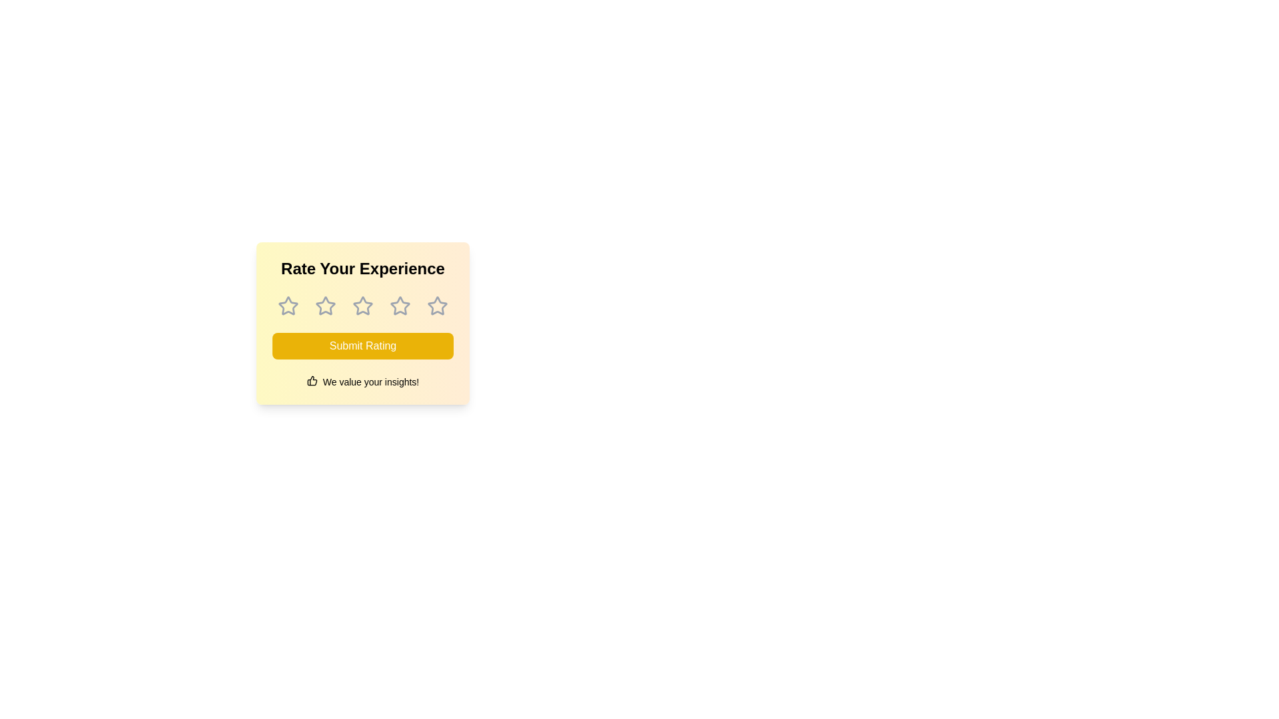 The height and width of the screenshot is (719, 1279). Describe the element at coordinates (370, 382) in the screenshot. I see `the text block displaying 'We value your insights!' located next to the thumbs-up icon at the bottom of the feedback card` at that location.